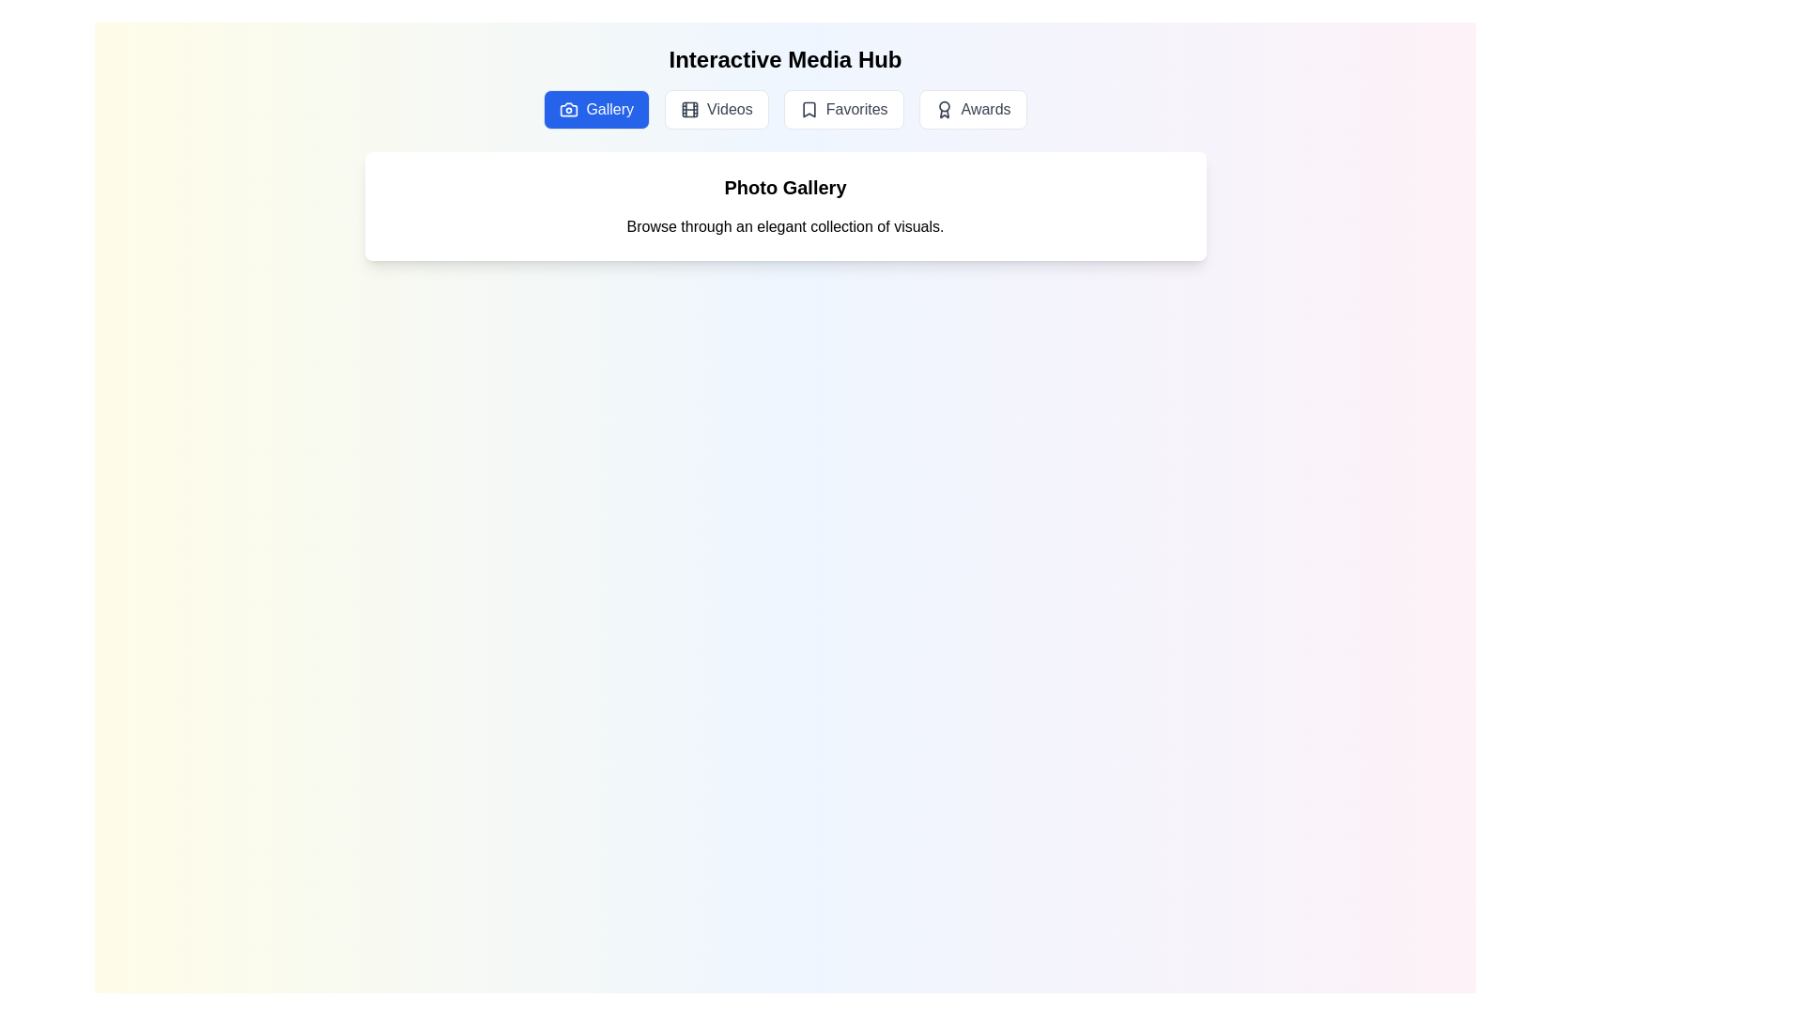 This screenshot has width=1803, height=1014. I want to click on the 'Videos' button, which is a rectangular button with rounded corners, displaying the text 'Videos' and a film frame icon, located in the navigation bar between the 'Gallery' and 'Favorites' buttons, so click(716, 109).